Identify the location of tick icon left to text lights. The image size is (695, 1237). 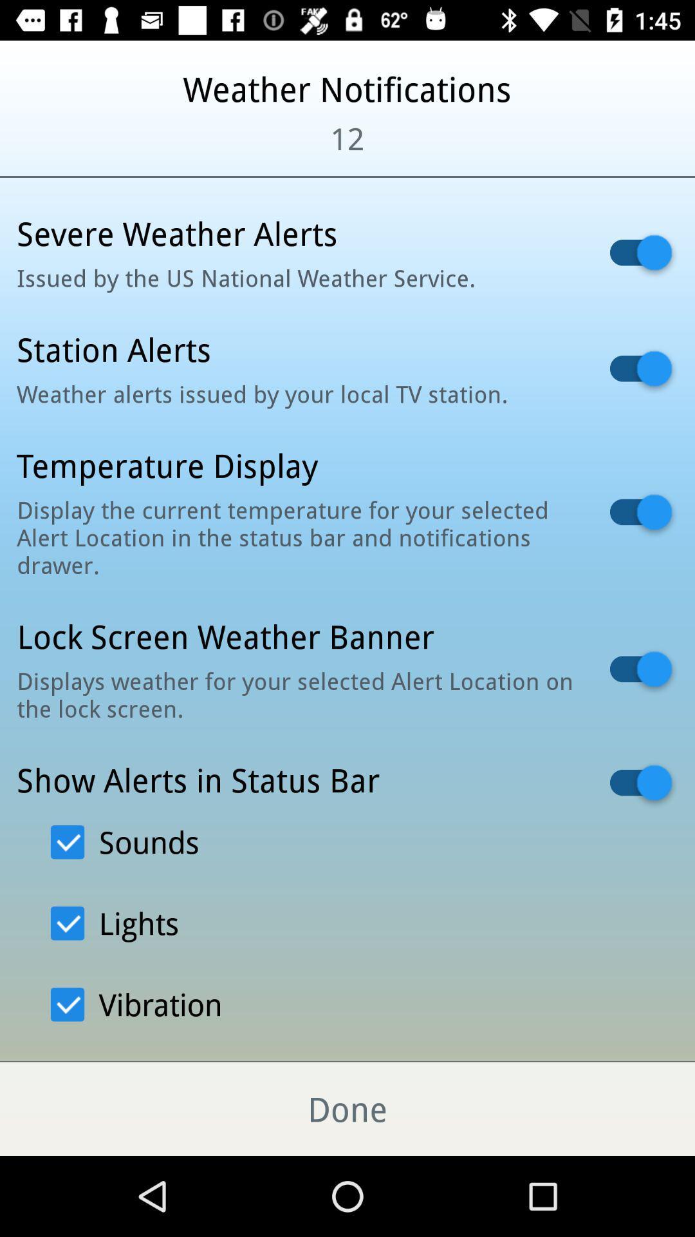
(67, 923).